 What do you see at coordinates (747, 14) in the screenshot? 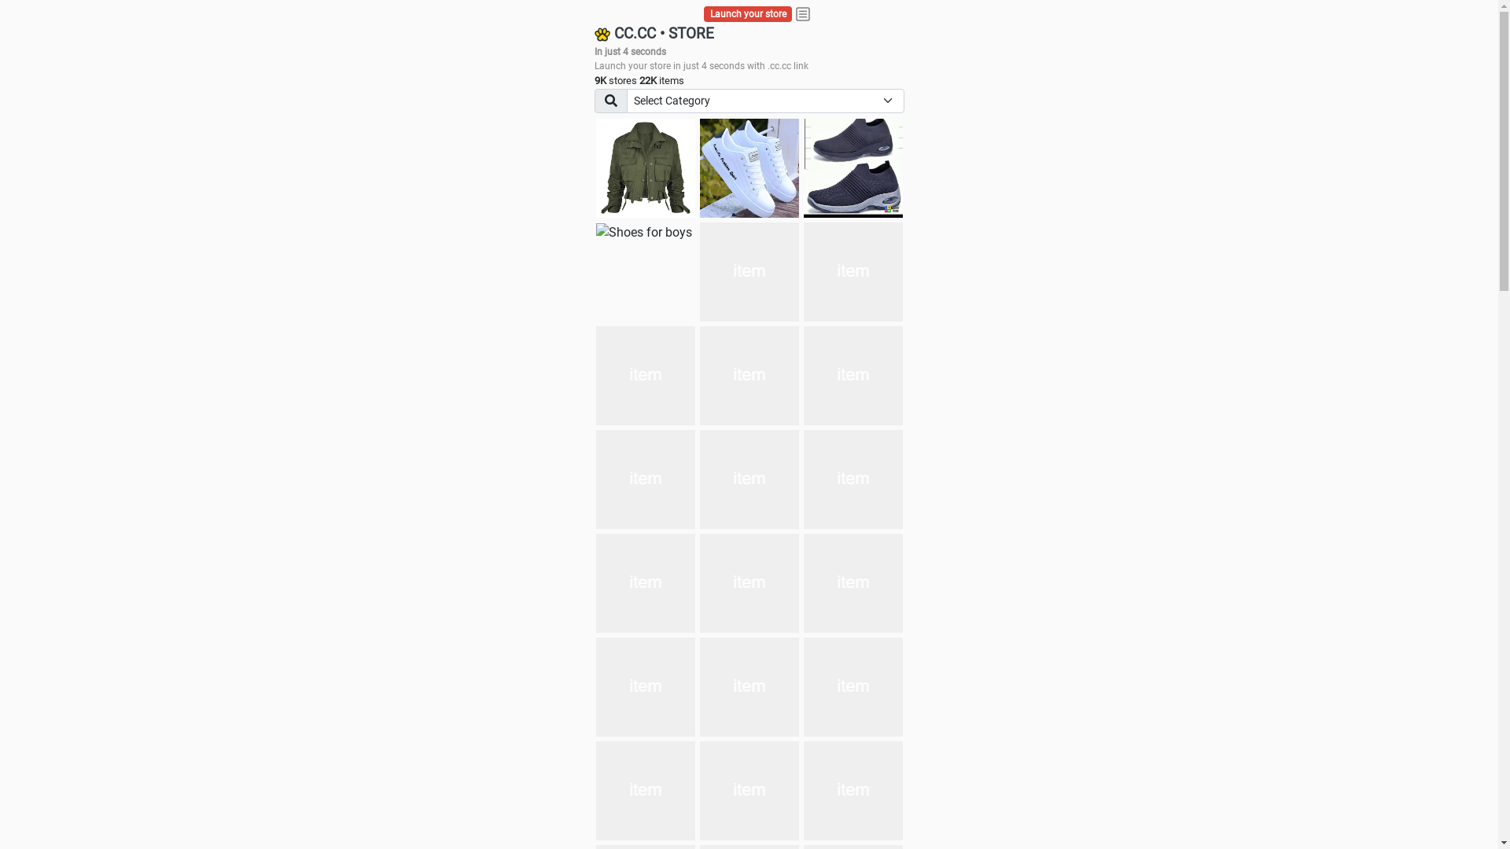
I see `'Launch your store'` at bounding box center [747, 14].